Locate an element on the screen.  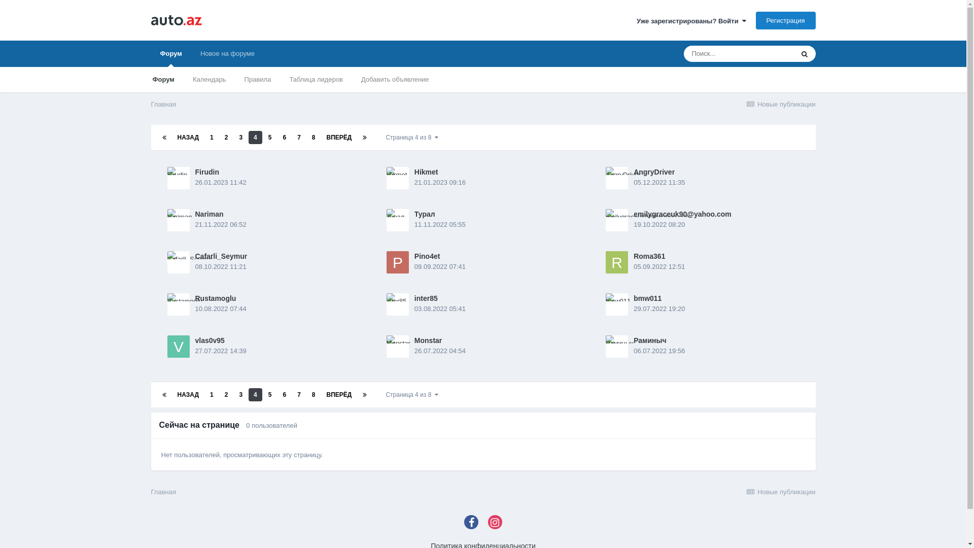
'3' is located at coordinates (240, 393).